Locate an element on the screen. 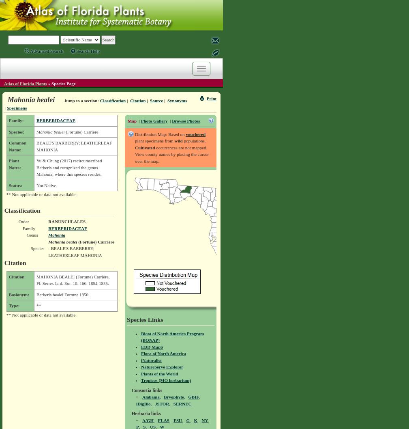 This screenshot has width=409, height=429. 'FLAS' is located at coordinates (163, 420).